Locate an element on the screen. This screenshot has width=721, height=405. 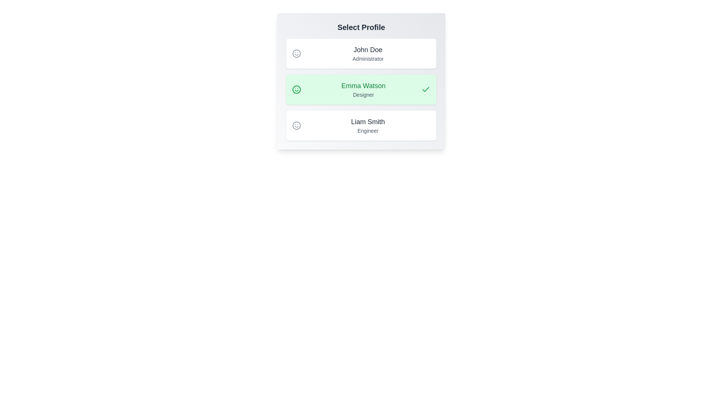
the profile Liam Smith is located at coordinates (361, 125).